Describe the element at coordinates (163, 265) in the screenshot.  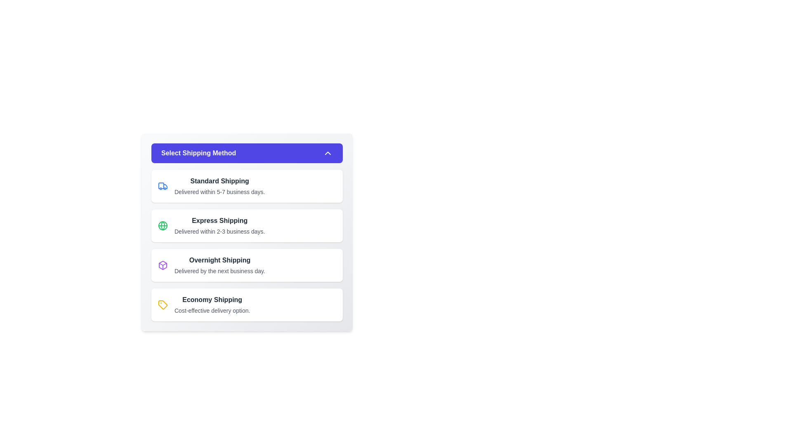
I see `the purple 3D box icon located to the left of the 'Overnight Shipping' text` at that location.